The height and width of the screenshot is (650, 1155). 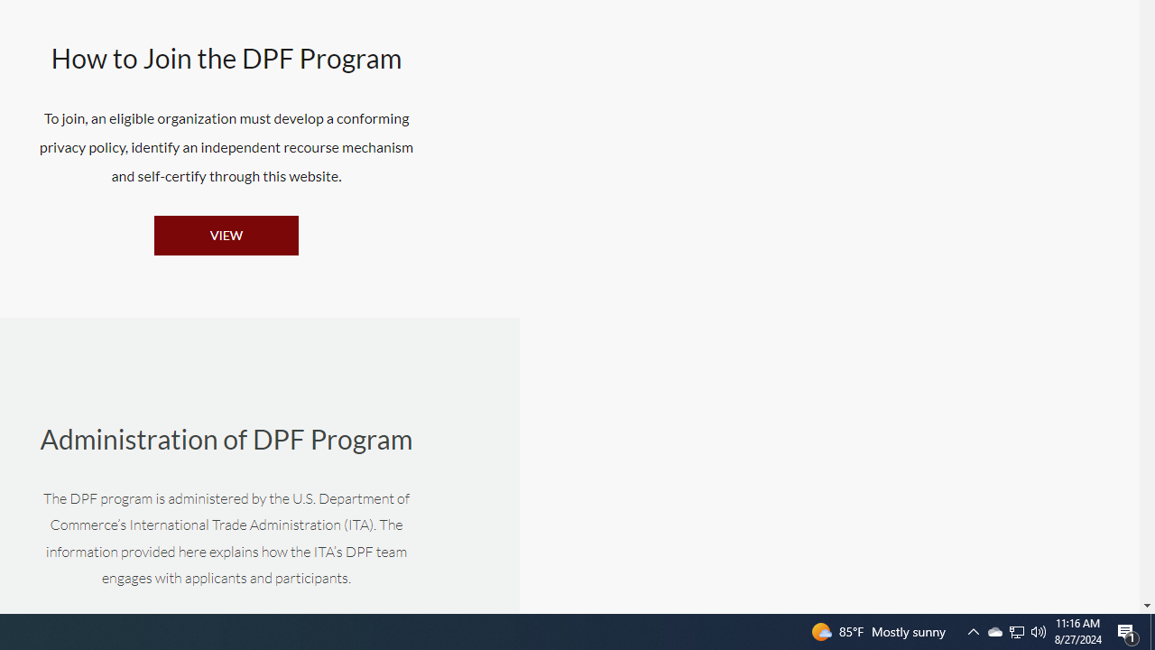 I want to click on 'VIEW', so click(x=226, y=234).